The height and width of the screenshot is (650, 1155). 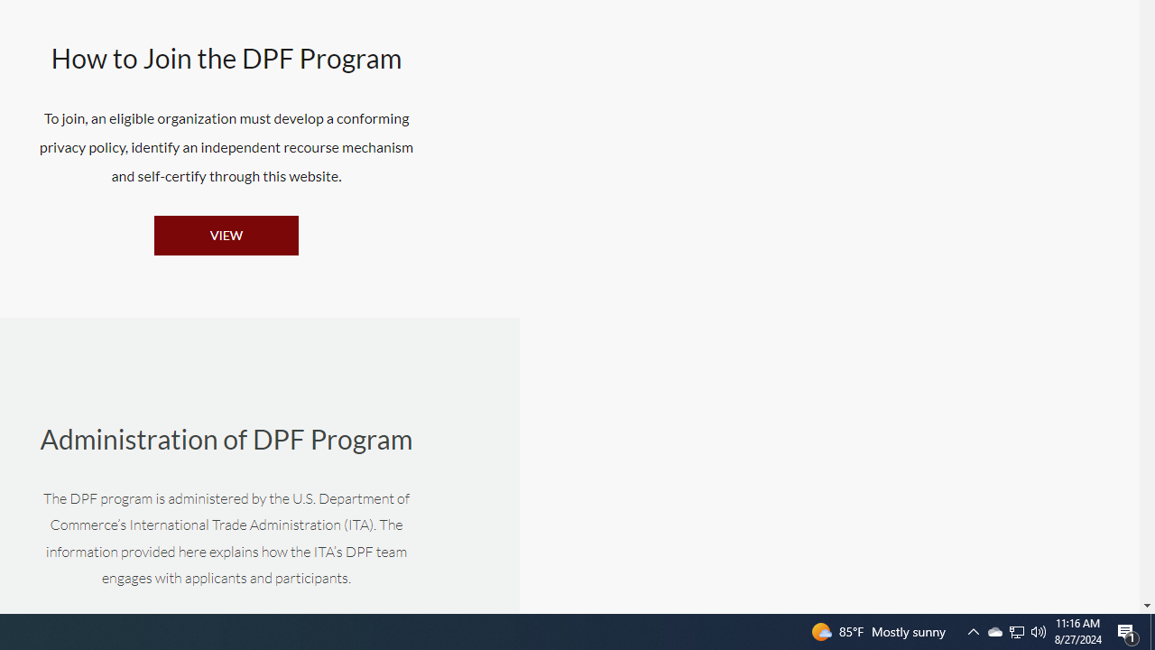 I want to click on 'VIEW', so click(x=226, y=234).